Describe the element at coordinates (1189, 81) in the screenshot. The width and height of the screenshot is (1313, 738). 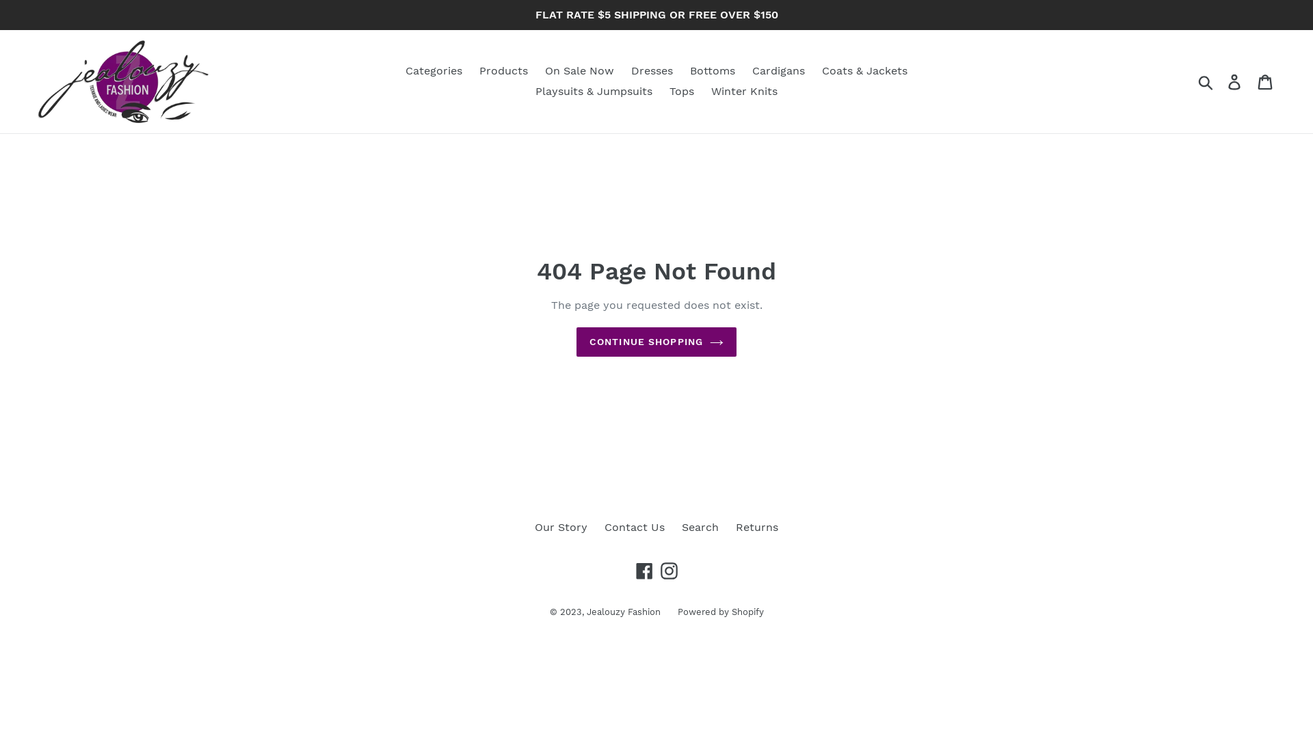
I see `'Submit'` at that location.